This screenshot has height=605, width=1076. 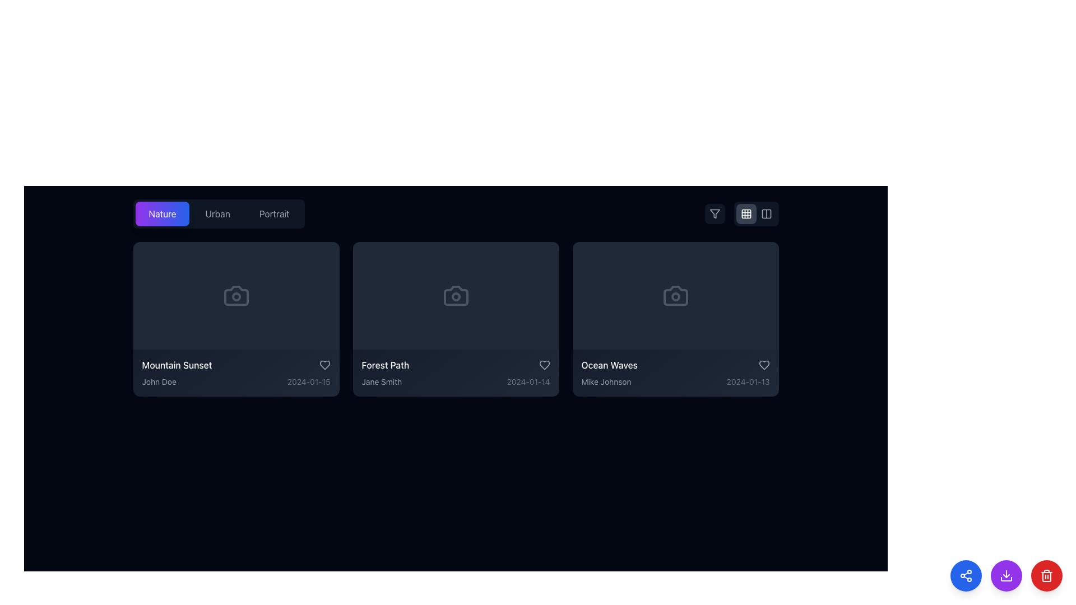 What do you see at coordinates (324, 365) in the screenshot?
I see `the heart-shaped icon located in the bottom right corner of the 'Mountain Sunset' card` at bounding box center [324, 365].